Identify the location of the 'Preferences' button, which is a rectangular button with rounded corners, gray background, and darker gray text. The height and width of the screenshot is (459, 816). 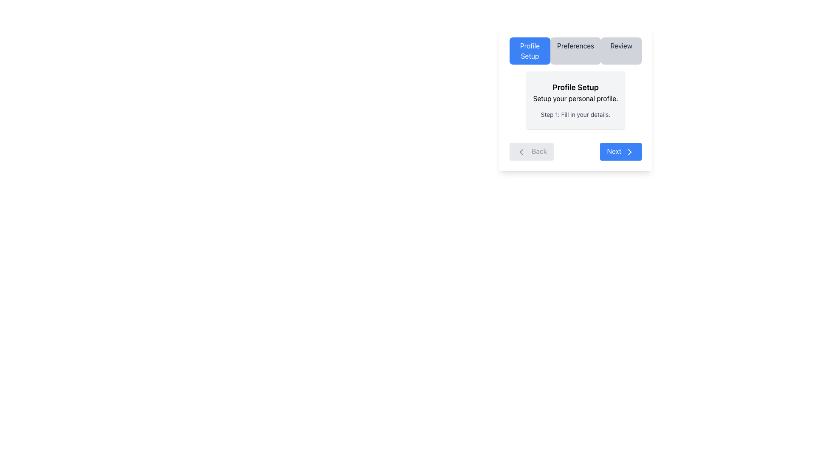
(575, 51).